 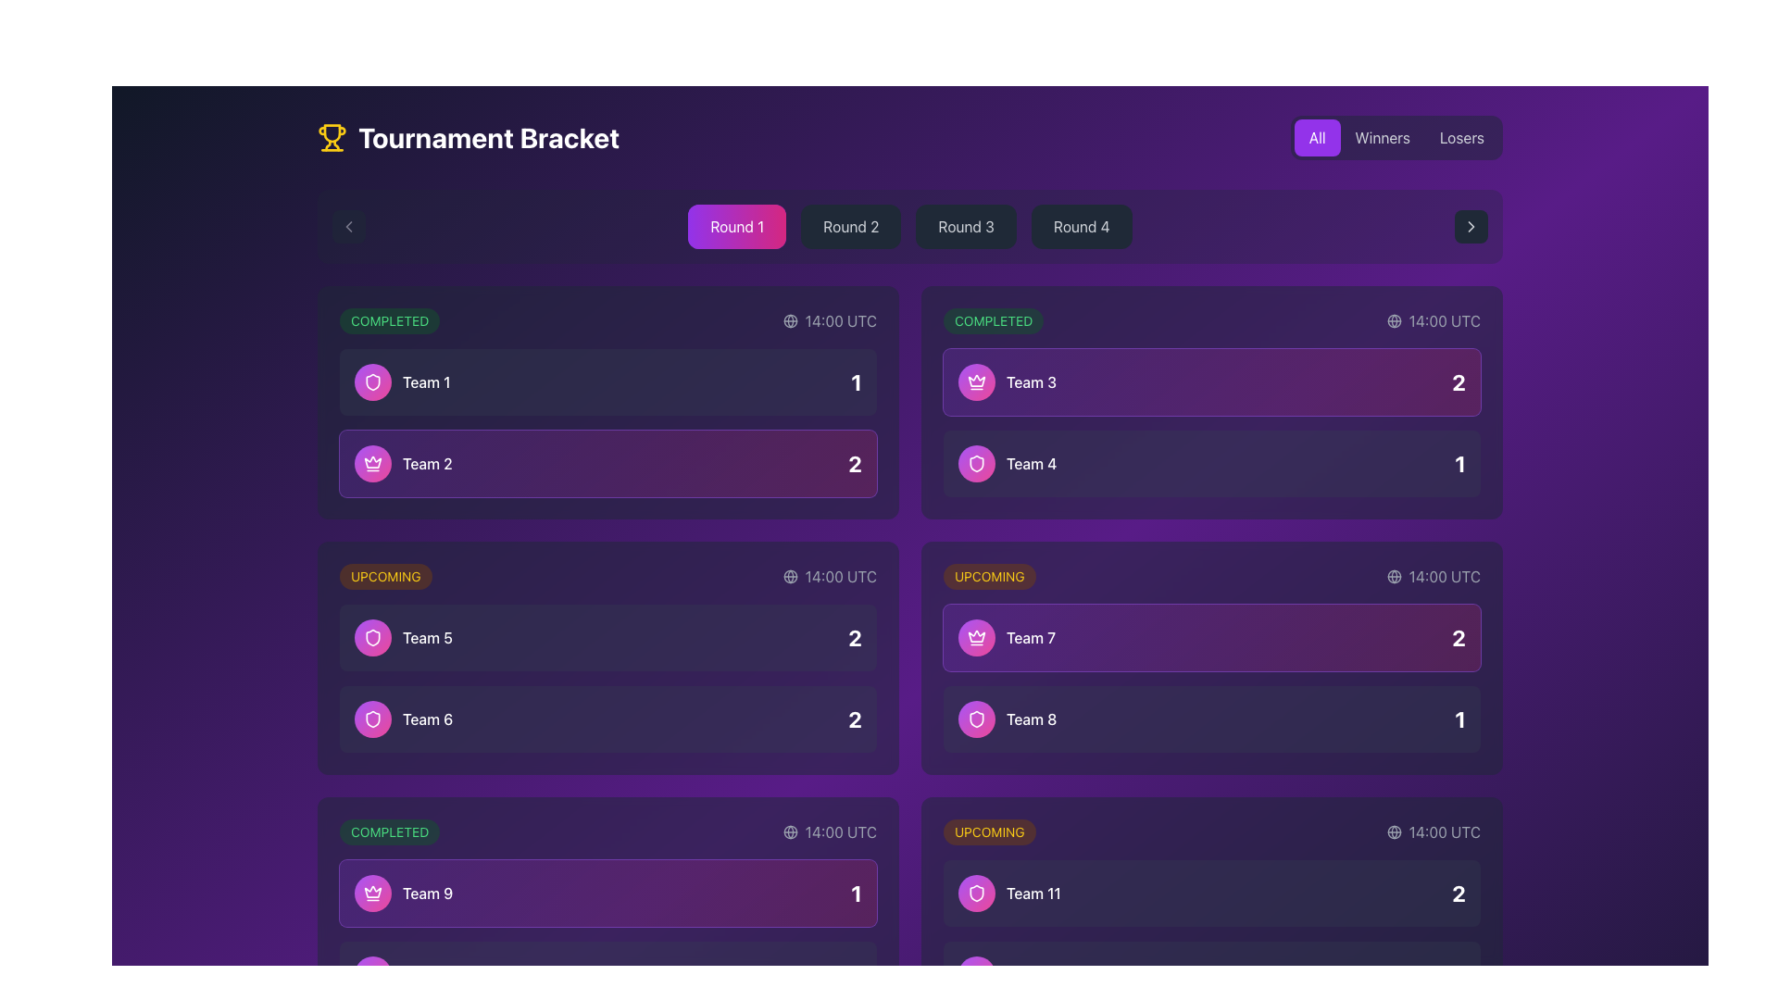 What do you see at coordinates (1394, 576) in the screenshot?
I see `the line-based vector icon that forms part of a globe design, located near the textual time information in the match schedule cards` at bounding box center [1394, 576].